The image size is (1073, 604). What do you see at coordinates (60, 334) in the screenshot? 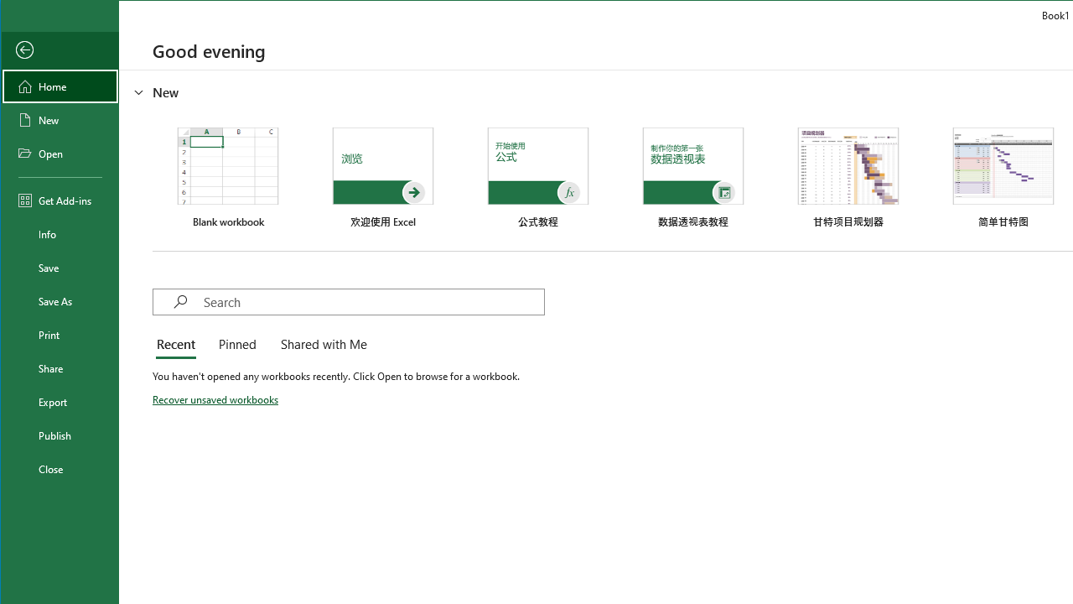
I see `'Print'` at bounding box center [60, 334].